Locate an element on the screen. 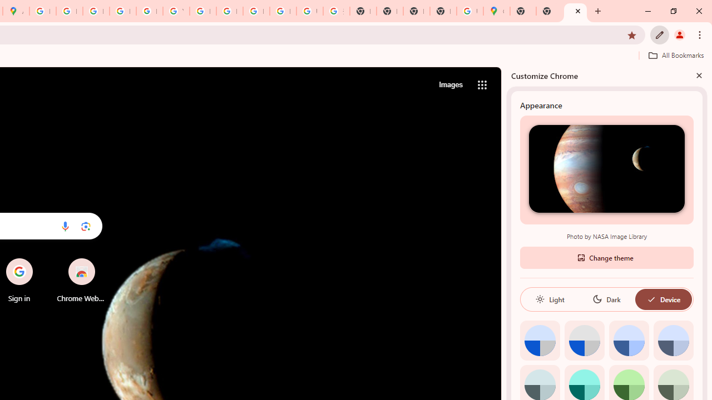 Image resolution: width=712 pixels, height=400 pixels. 'Default color' is located at coordinates (540, 339).